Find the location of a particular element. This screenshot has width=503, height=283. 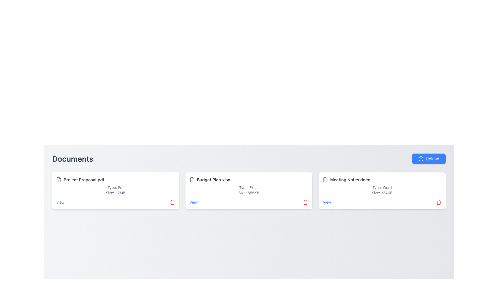

the text label displaying 'Size: 234KB' located below the 'Type: Word' text within the entry for 'Meeting Notes.docx' in the rightmost card is located at coordinates (382, 193).